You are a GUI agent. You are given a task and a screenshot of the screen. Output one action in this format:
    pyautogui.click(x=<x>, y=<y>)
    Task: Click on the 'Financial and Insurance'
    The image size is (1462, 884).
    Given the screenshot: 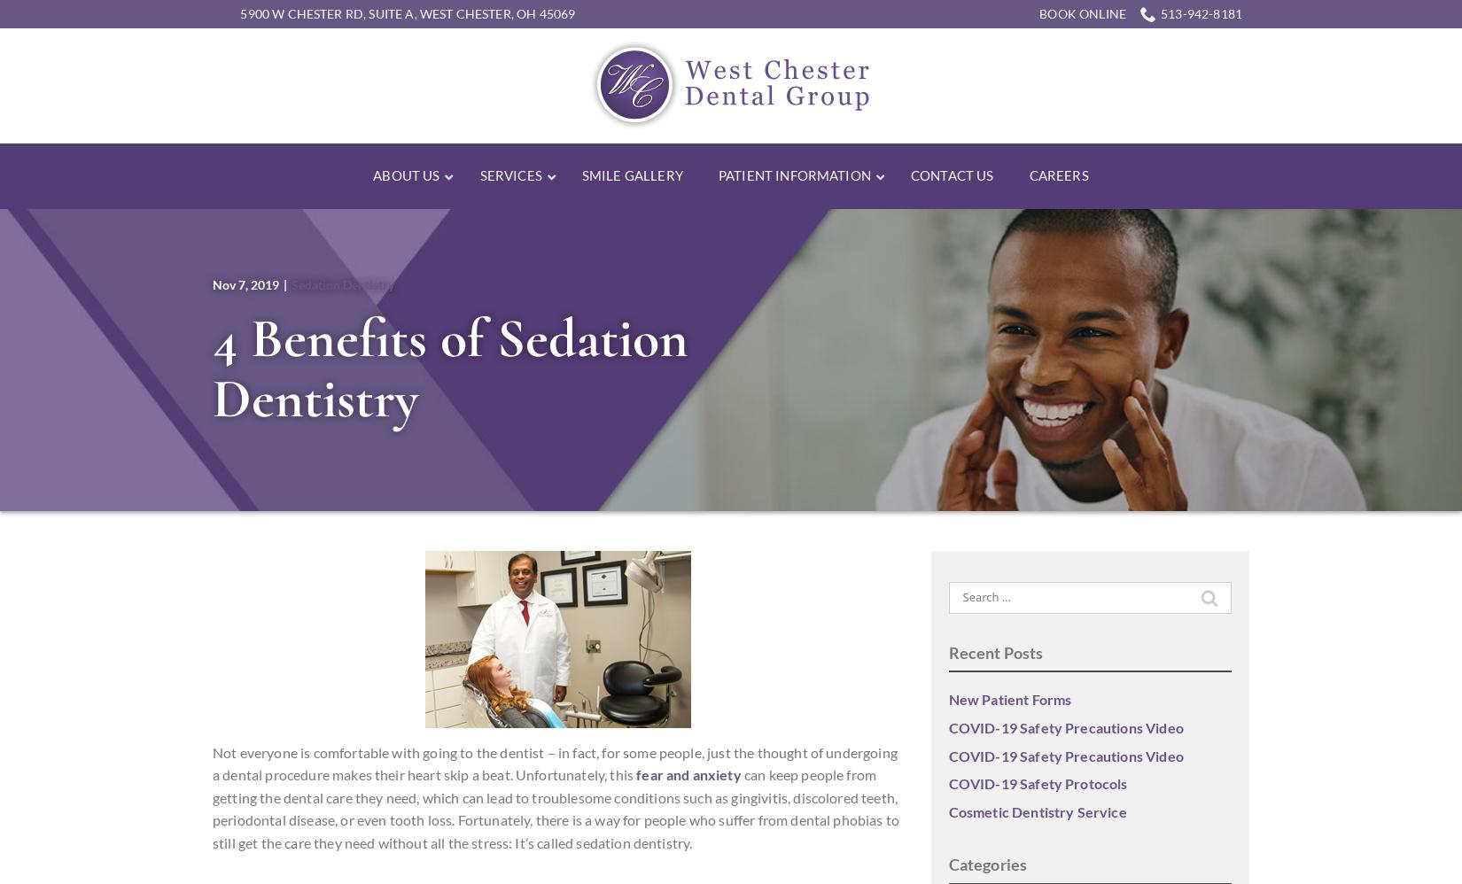 What is the action you would take?
    pyautogui.click(x=717, y=281)
    